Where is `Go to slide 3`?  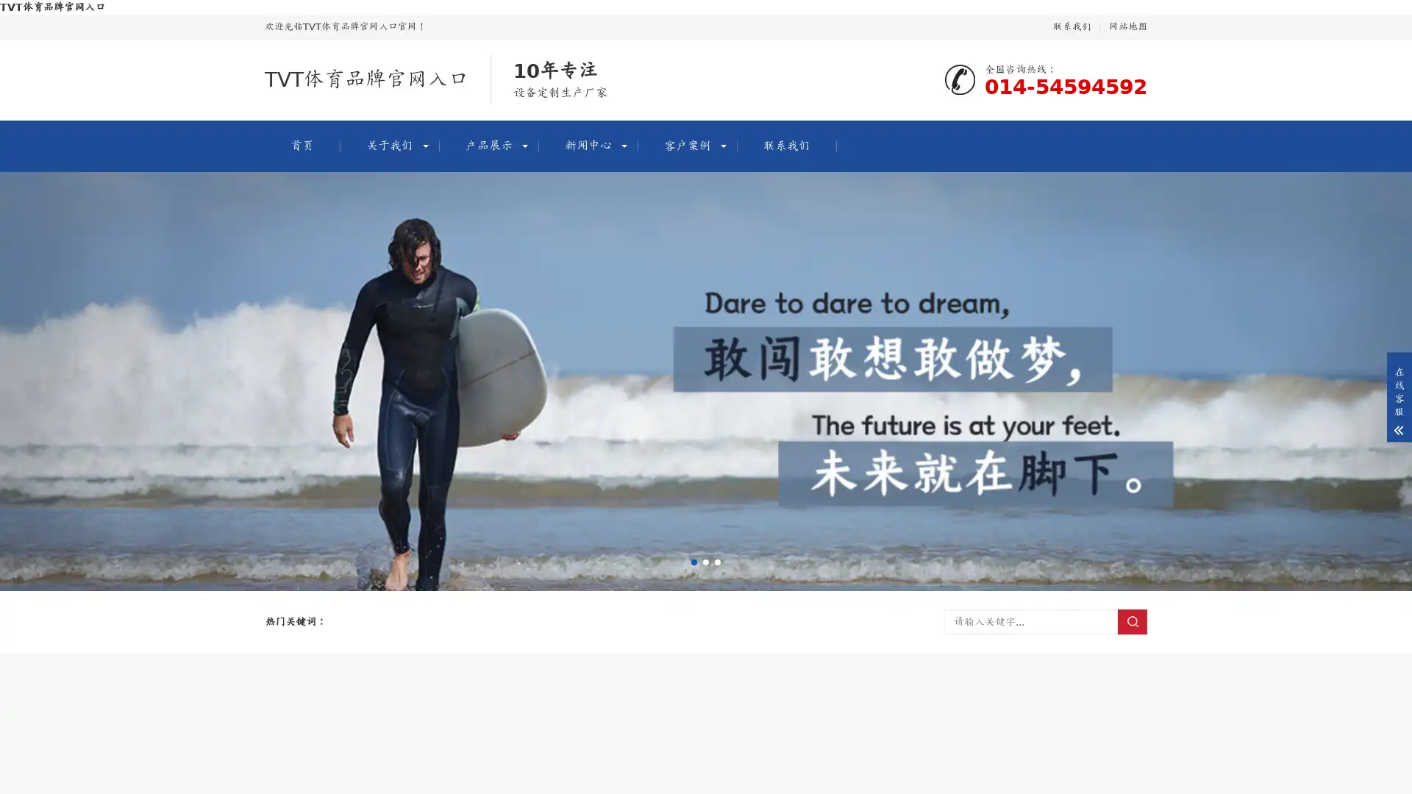 Go to slide 3 is located at coordinates (717, 562).